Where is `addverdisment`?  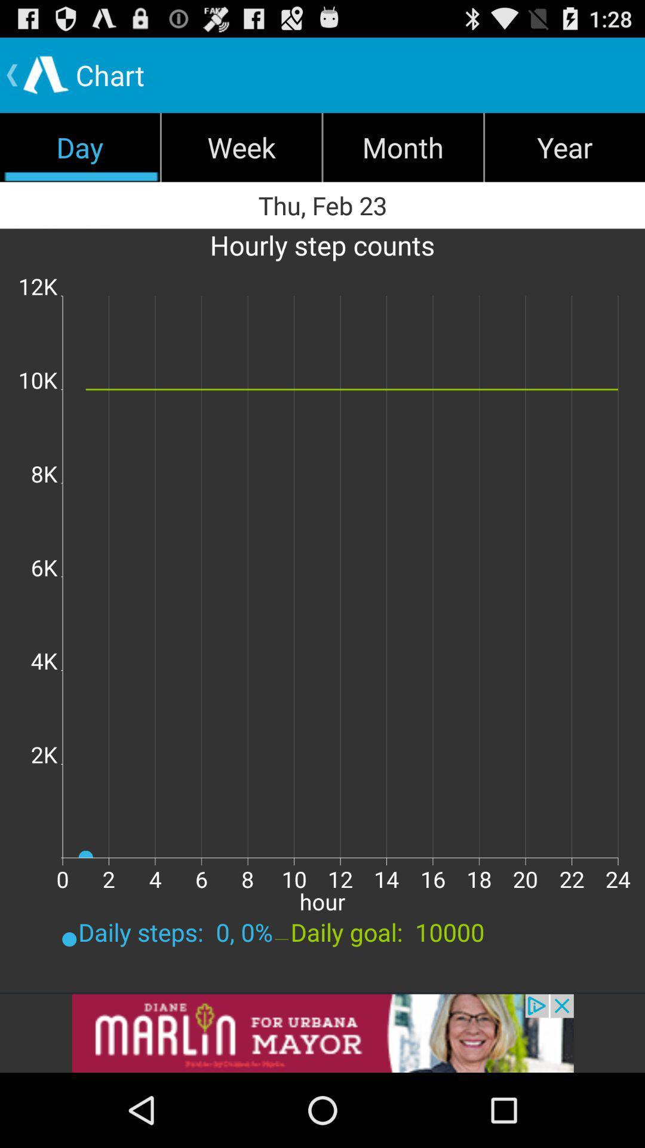
addverdisment is located at coordinates (322, 1033).